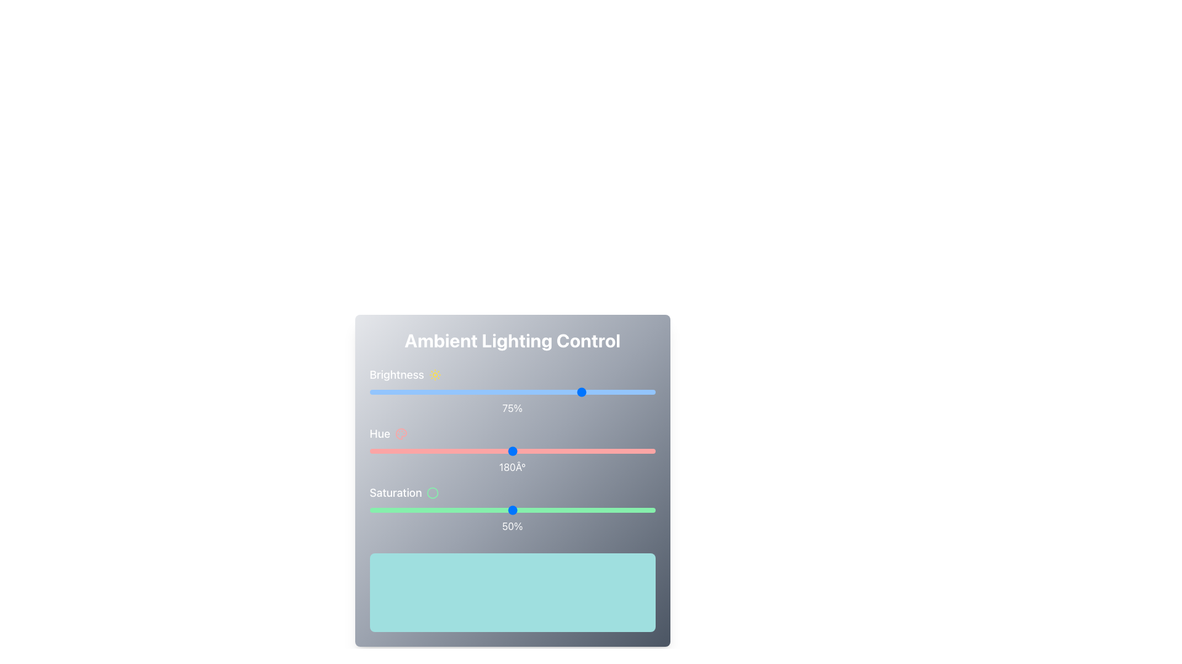 The height and width of the screenshot is (664, 1182). What do you see at coordinates (616, 451) in the screenshot?
I see `the hue value` at bounding box center [616, 451].